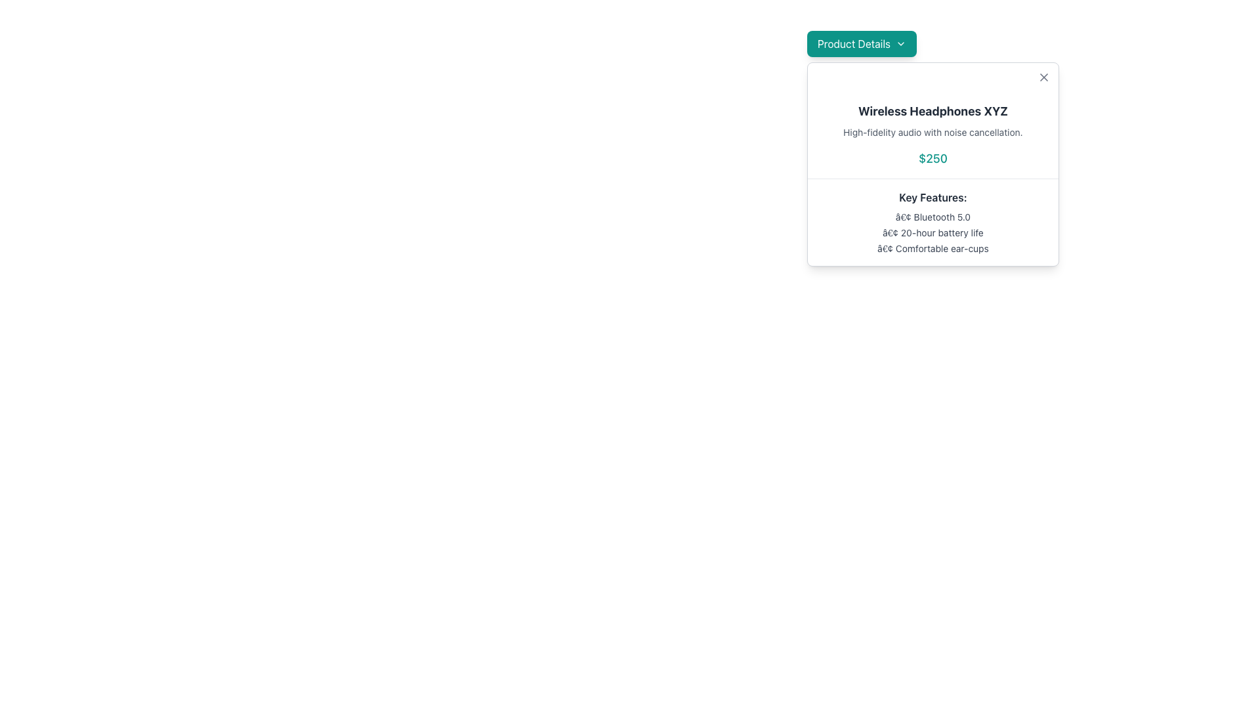 The width and height of the screenshot is (1260, 709). Describe the element at coordinates (1043, 77) in the screenshot. I see `the 'X' icon in the top-right corner of the modal box for 'Wireless Headphones XYZ'` at that location.